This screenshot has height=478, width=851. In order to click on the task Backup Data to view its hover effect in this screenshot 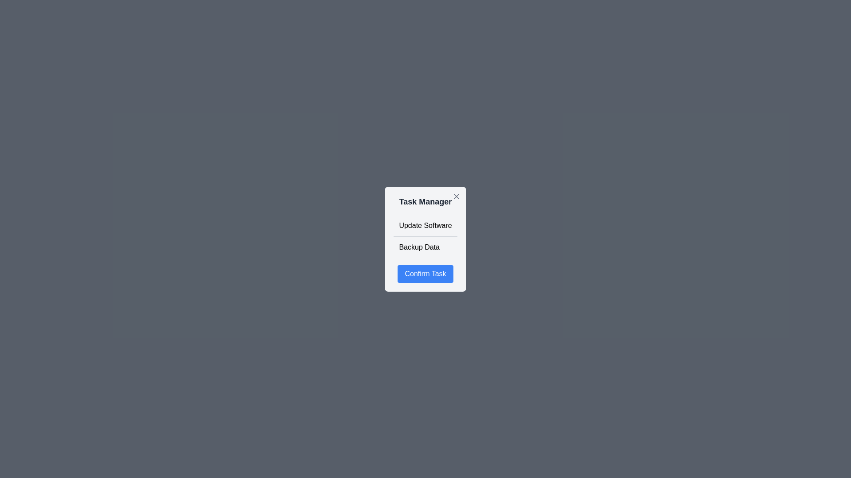, I will do `click(425, 247)`.